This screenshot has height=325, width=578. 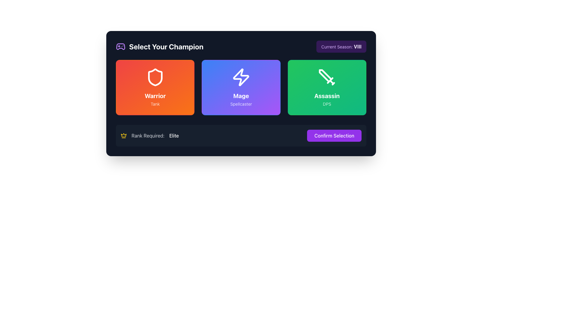 I want to click on the Header element with the title 'Select Your Champion' that features a bold, large white text and a purple game controller icon, located in the upper-left corner of the selection widget, so click(x=160, y=46).